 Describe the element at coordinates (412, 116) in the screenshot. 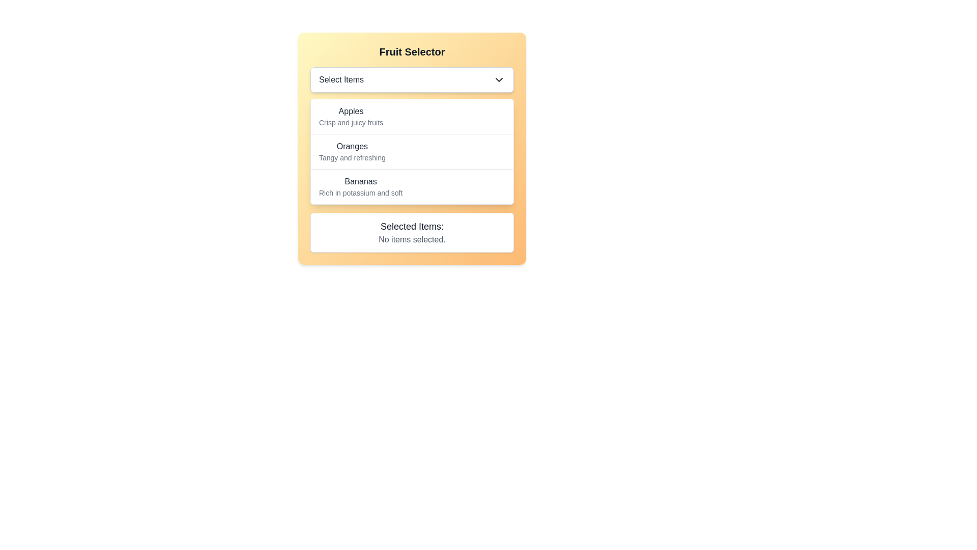

I see `the first item in the list representing 'Apples'` at that location.